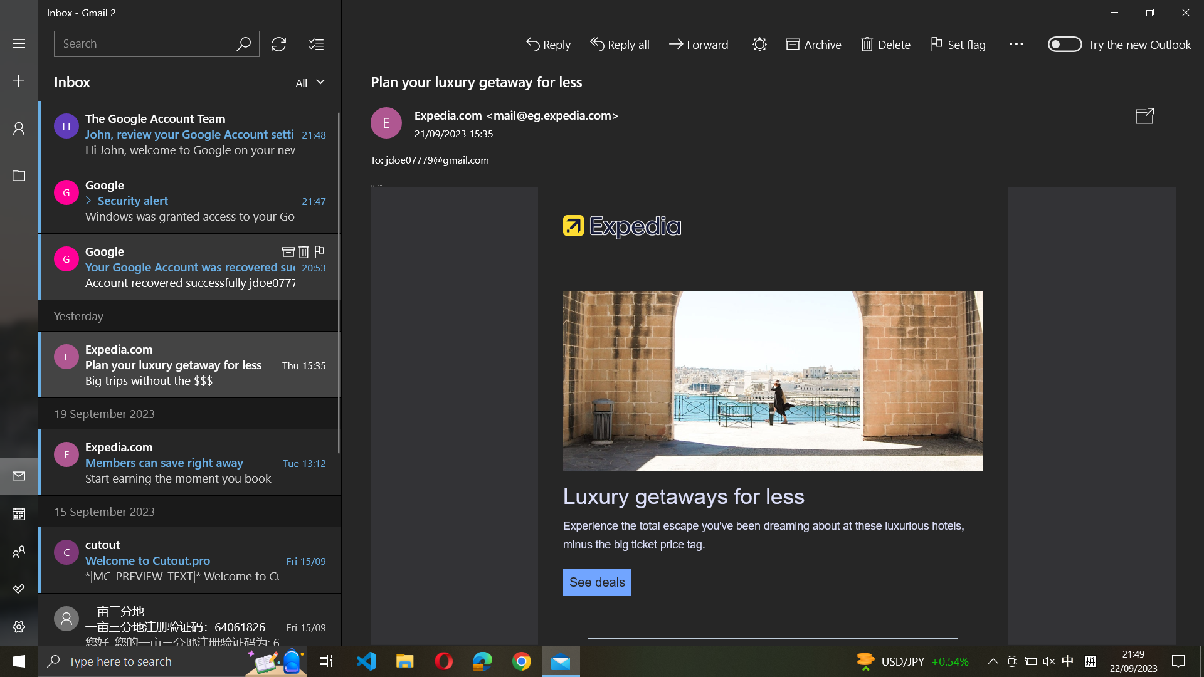 Image resolution: width=1204 pixels, height=677 pixels. Describe the element at coordinates (189, 133) in the screenshot. I see `Mark the initial email from the list as read` at that location.